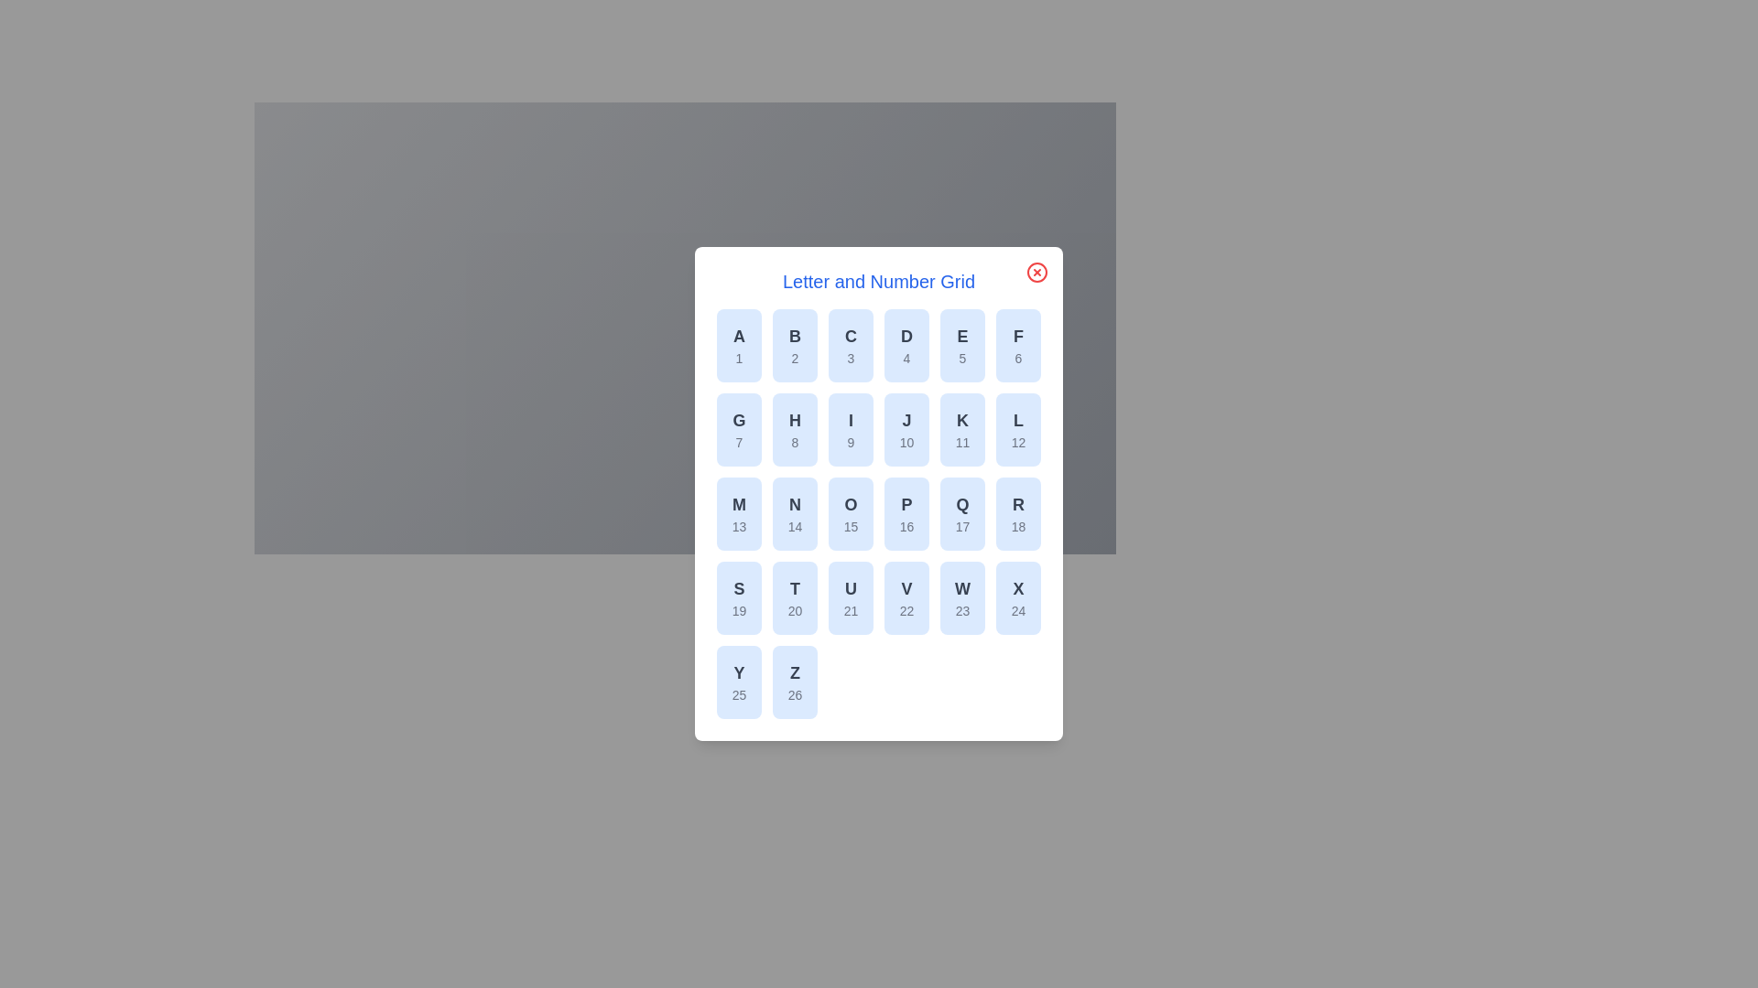 This screenshot has width=1758, height=988. Describe the element at coordinates (1036, 272) in the screenshot. I see `the close button to dismiss the dialog` at that location.